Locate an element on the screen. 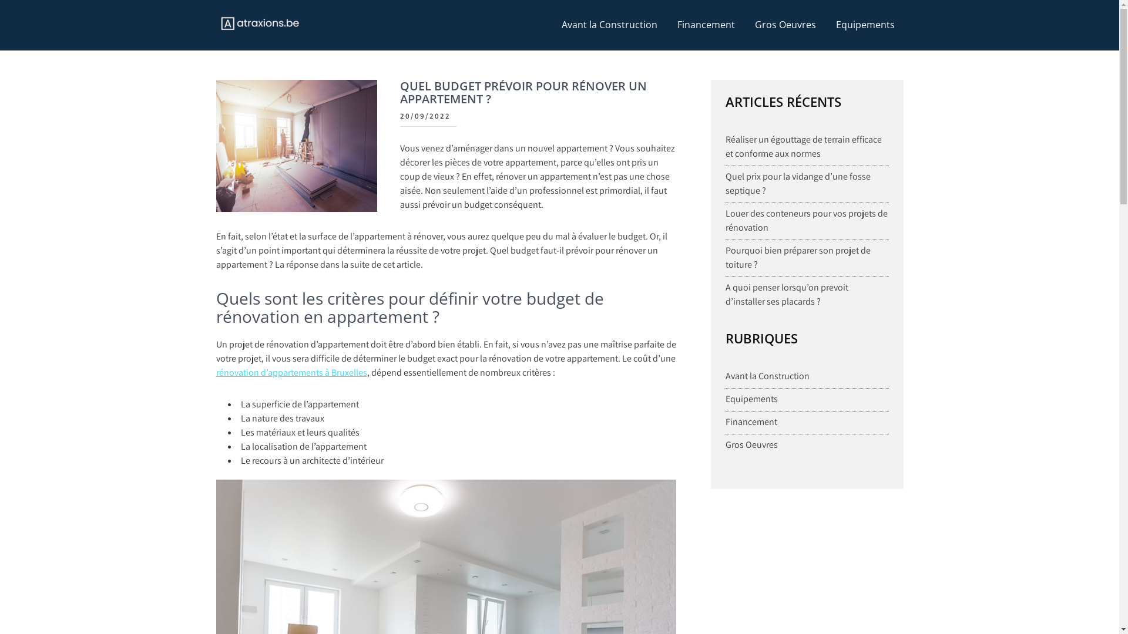  'Gros Oeuvres' is located at coordinates (785, 25).